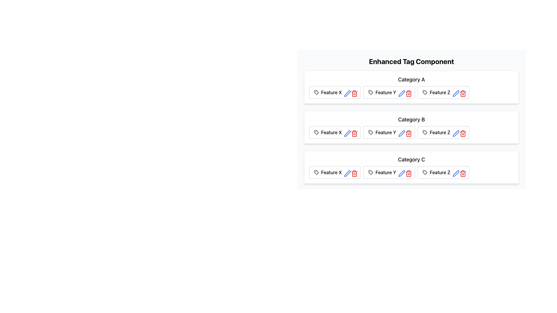 This screenshot has width=557, height=313. I want to click on the visual representation of the leftmost tag-like icon in the feature category interface under 'Category C', associated with 'Feature Y', so click(370, 172).